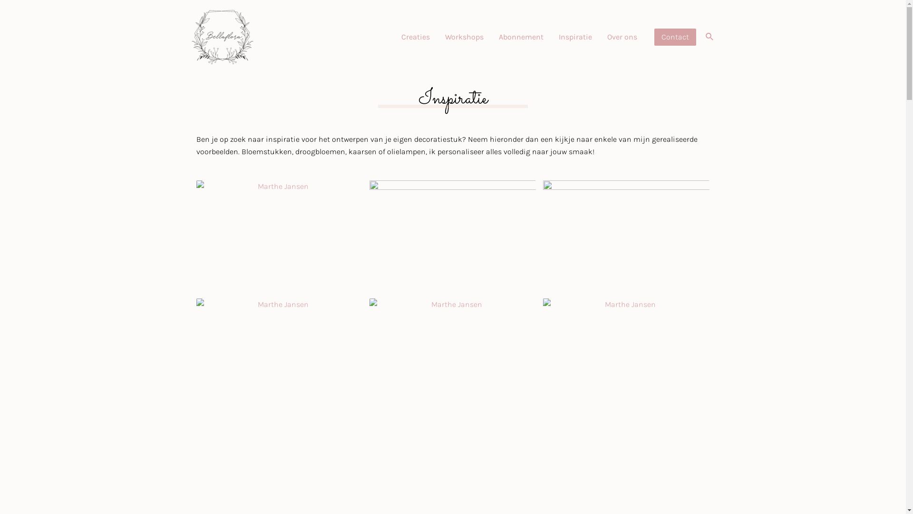 This screenshot has height=514, width=913. Describe the element at coordinates (520, 36) in the screenshot. I see `'Abonnement'` at that location.